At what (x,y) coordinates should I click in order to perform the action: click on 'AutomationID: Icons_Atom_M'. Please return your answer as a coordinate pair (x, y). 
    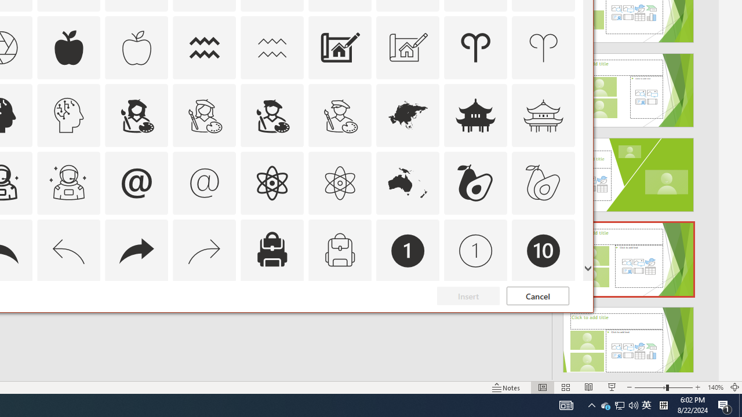
    Looking at the image, I should click on (339, 182).